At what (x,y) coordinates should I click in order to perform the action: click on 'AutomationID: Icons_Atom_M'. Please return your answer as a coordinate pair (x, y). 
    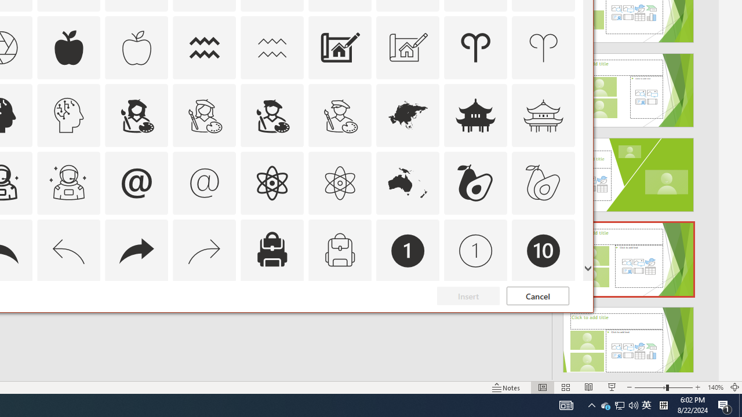
    Looking at the image, I should click on (339, 182).